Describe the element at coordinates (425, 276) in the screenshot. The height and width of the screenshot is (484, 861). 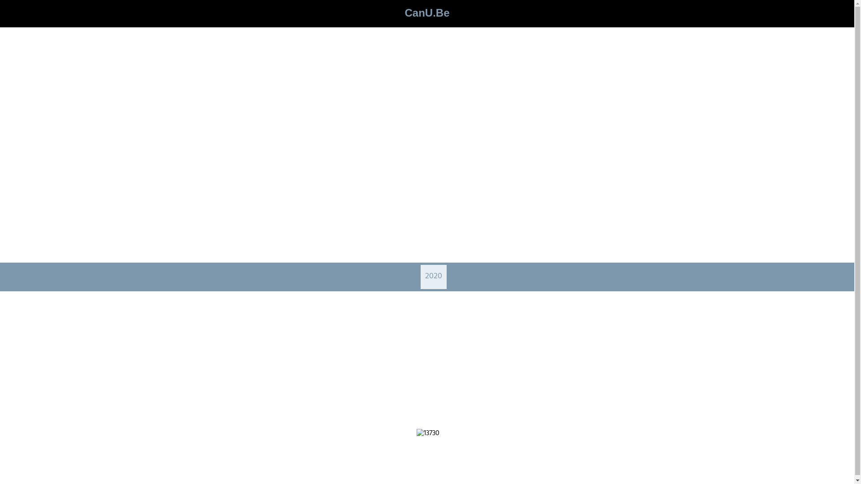
I see `'2020'` at that location.